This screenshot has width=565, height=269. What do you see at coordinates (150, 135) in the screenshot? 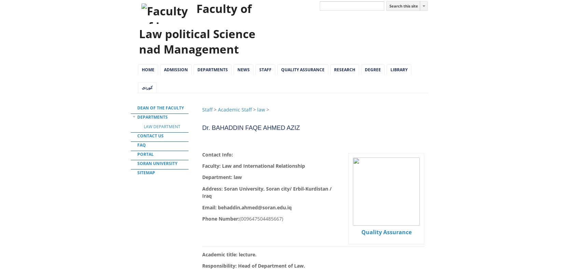
I see `'contact us'` at bounding box center [150, 135].